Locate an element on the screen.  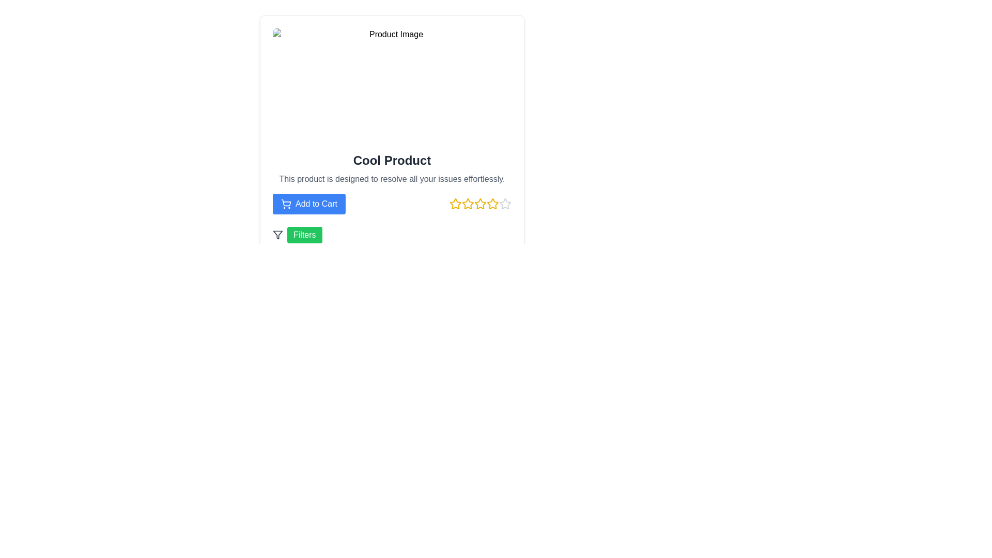
the 'Add to Cart' icon located to the left of the text within the button that visually indicates the action of adding a product to the shopping cart is located at coordinates (286, 204).